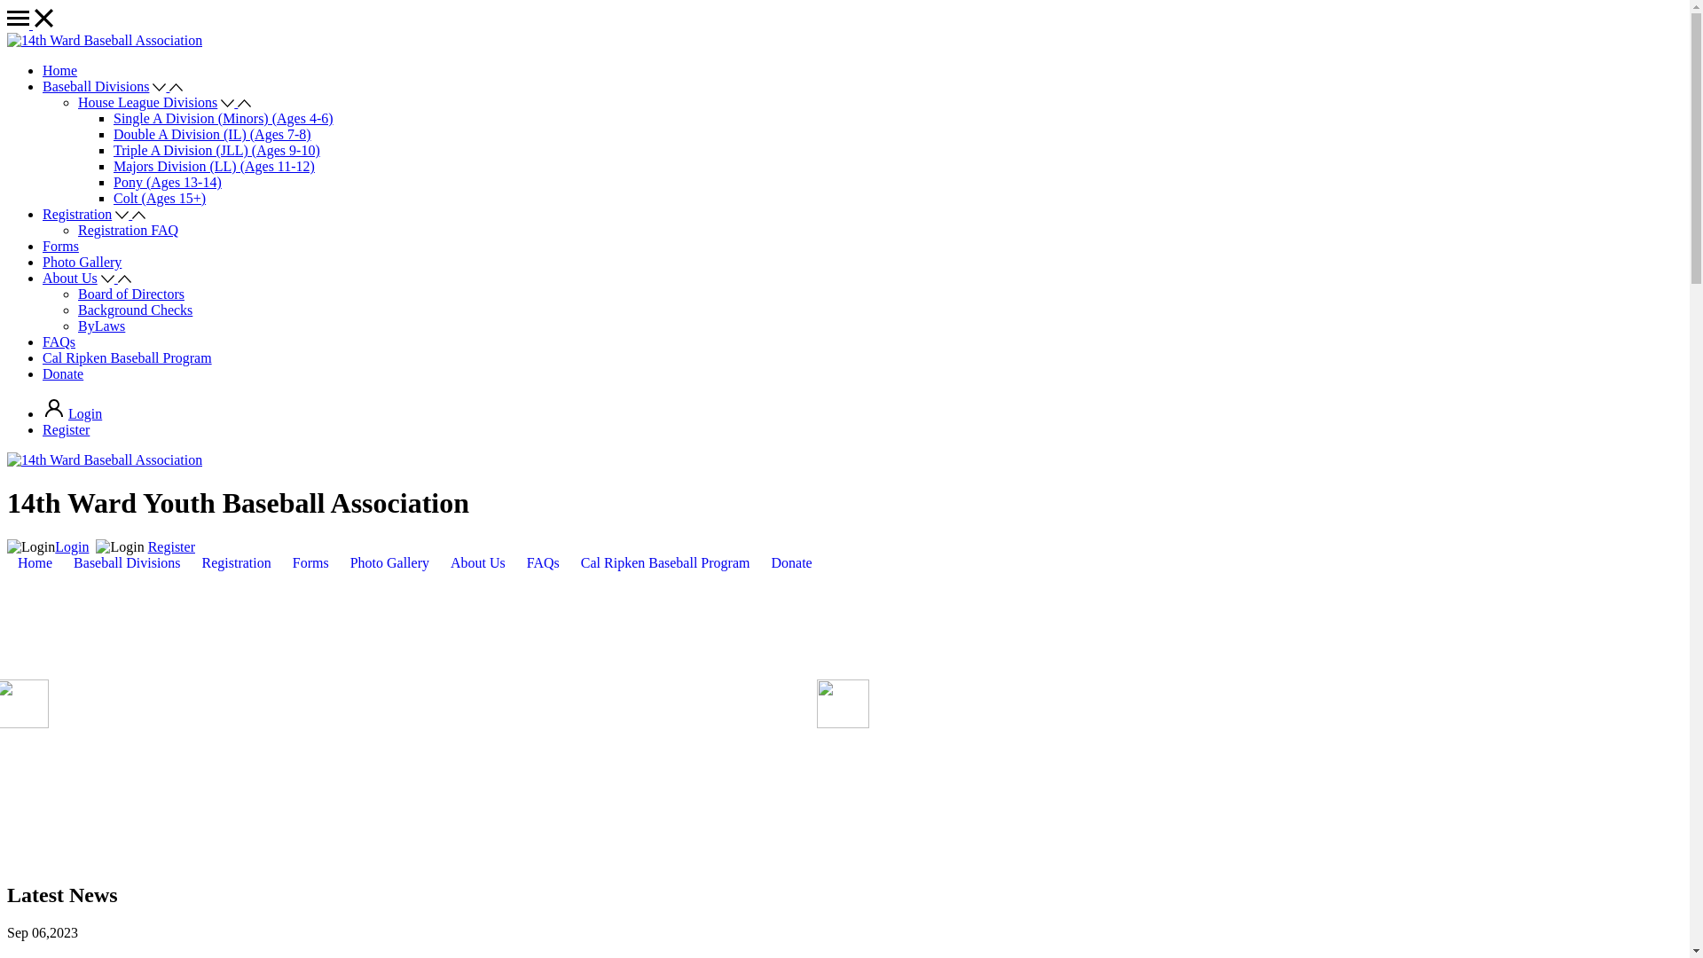 This screenshot has height=958, width=1703. What do you see at coordinates (477, 563) in the screenshot?
I see `'About Us'` at bounding box center [477, 563].